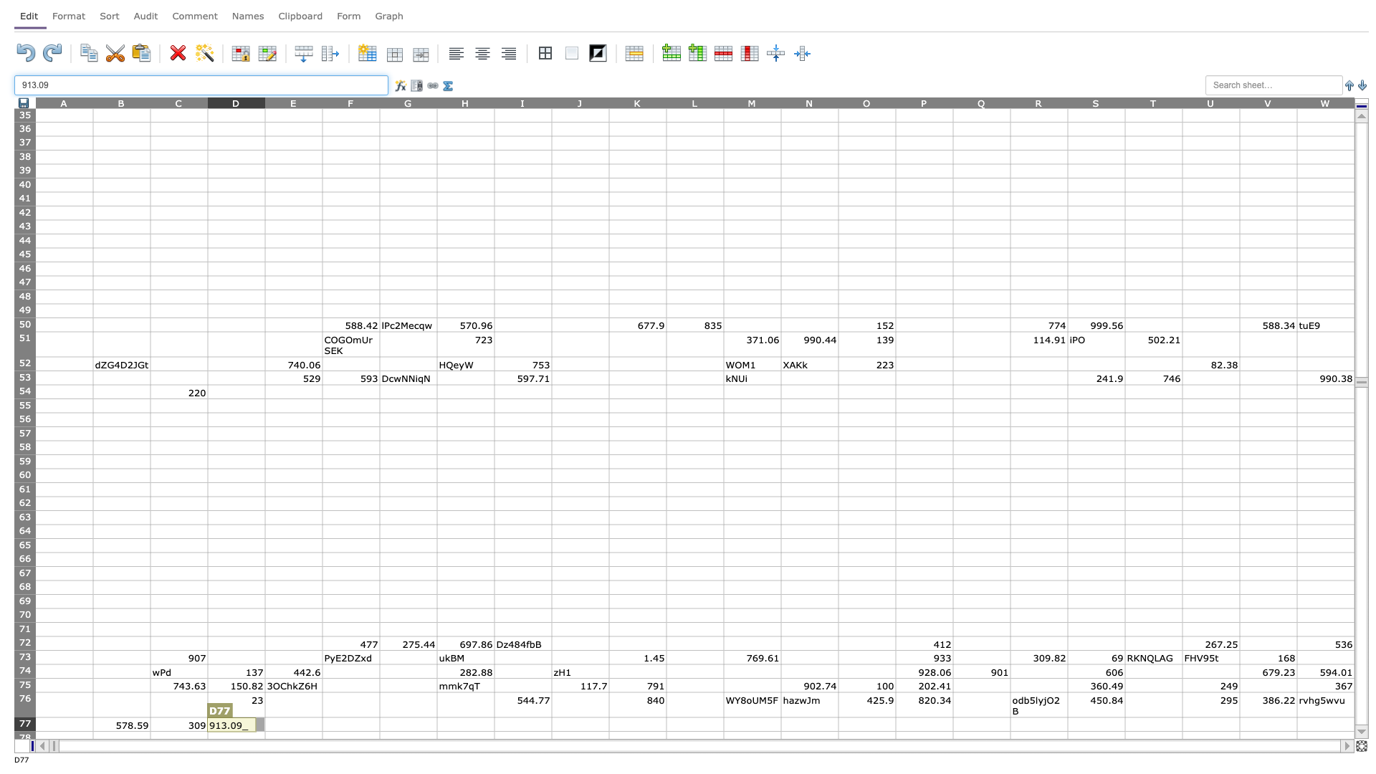 The width and height of the screenshot is (1376, 774). What do you see at coordinates (322, 717) in the screenshot?
I see `top left at column F row 77` at bounding box center [322, 717].